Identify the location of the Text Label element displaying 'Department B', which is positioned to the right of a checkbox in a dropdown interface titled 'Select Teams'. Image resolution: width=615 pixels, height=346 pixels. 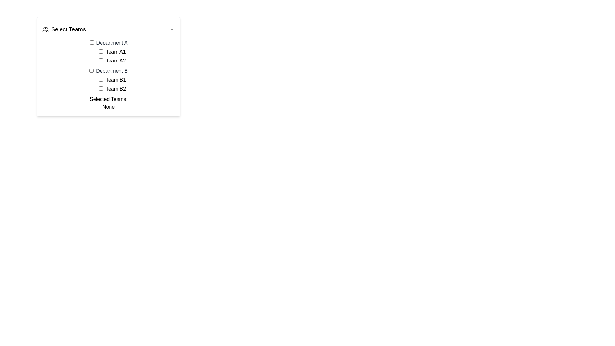
(112, 71).